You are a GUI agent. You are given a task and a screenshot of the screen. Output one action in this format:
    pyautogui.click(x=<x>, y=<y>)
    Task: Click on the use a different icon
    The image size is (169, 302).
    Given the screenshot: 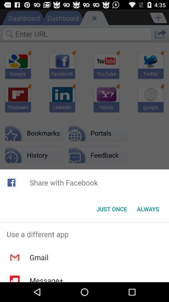 What is the action you would take?
    pyautogui.click(x=84, y=234)
    